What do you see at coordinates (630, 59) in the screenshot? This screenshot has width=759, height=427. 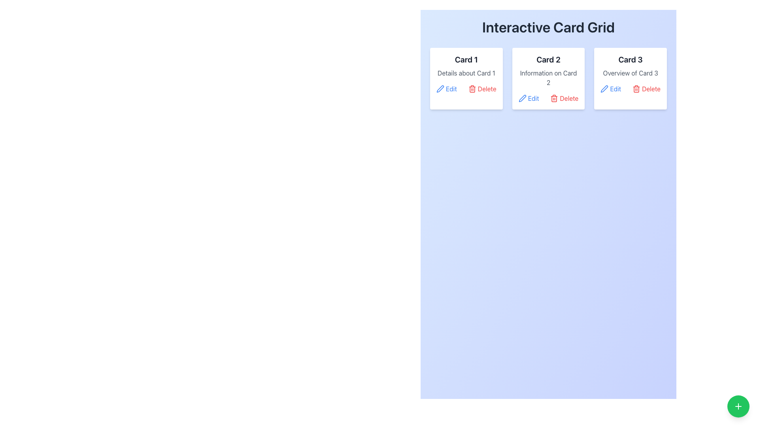 I see `the text label that serves as the title for 'Card 3', positioned at the top of the card in the third column of the grid` at bounding box center [630, 59].